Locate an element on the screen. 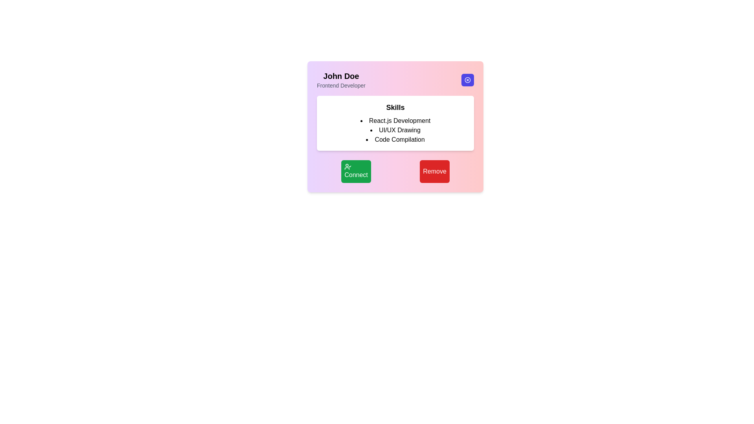 The width and height of the screenshot is (754, 424). the 'Skills' text label, which is prominently styled in bold and large font at the top of a white rectangular box containing various skills is located at coordinates (395, 107).